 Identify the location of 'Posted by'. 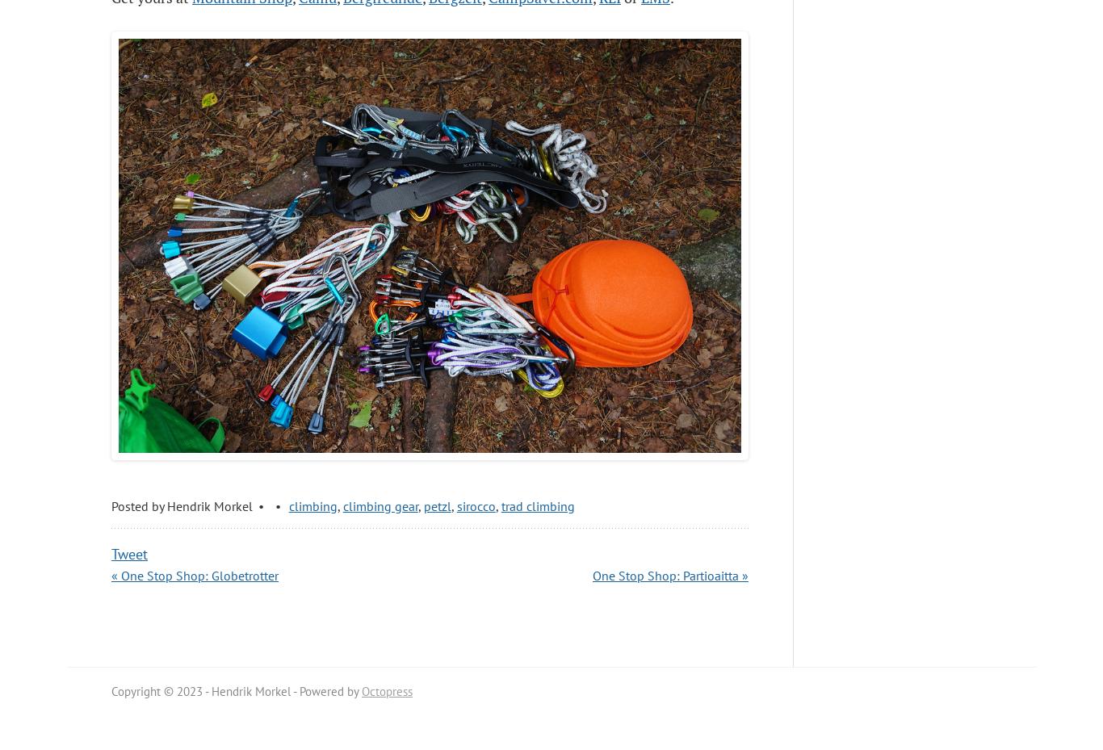
(110, 505).